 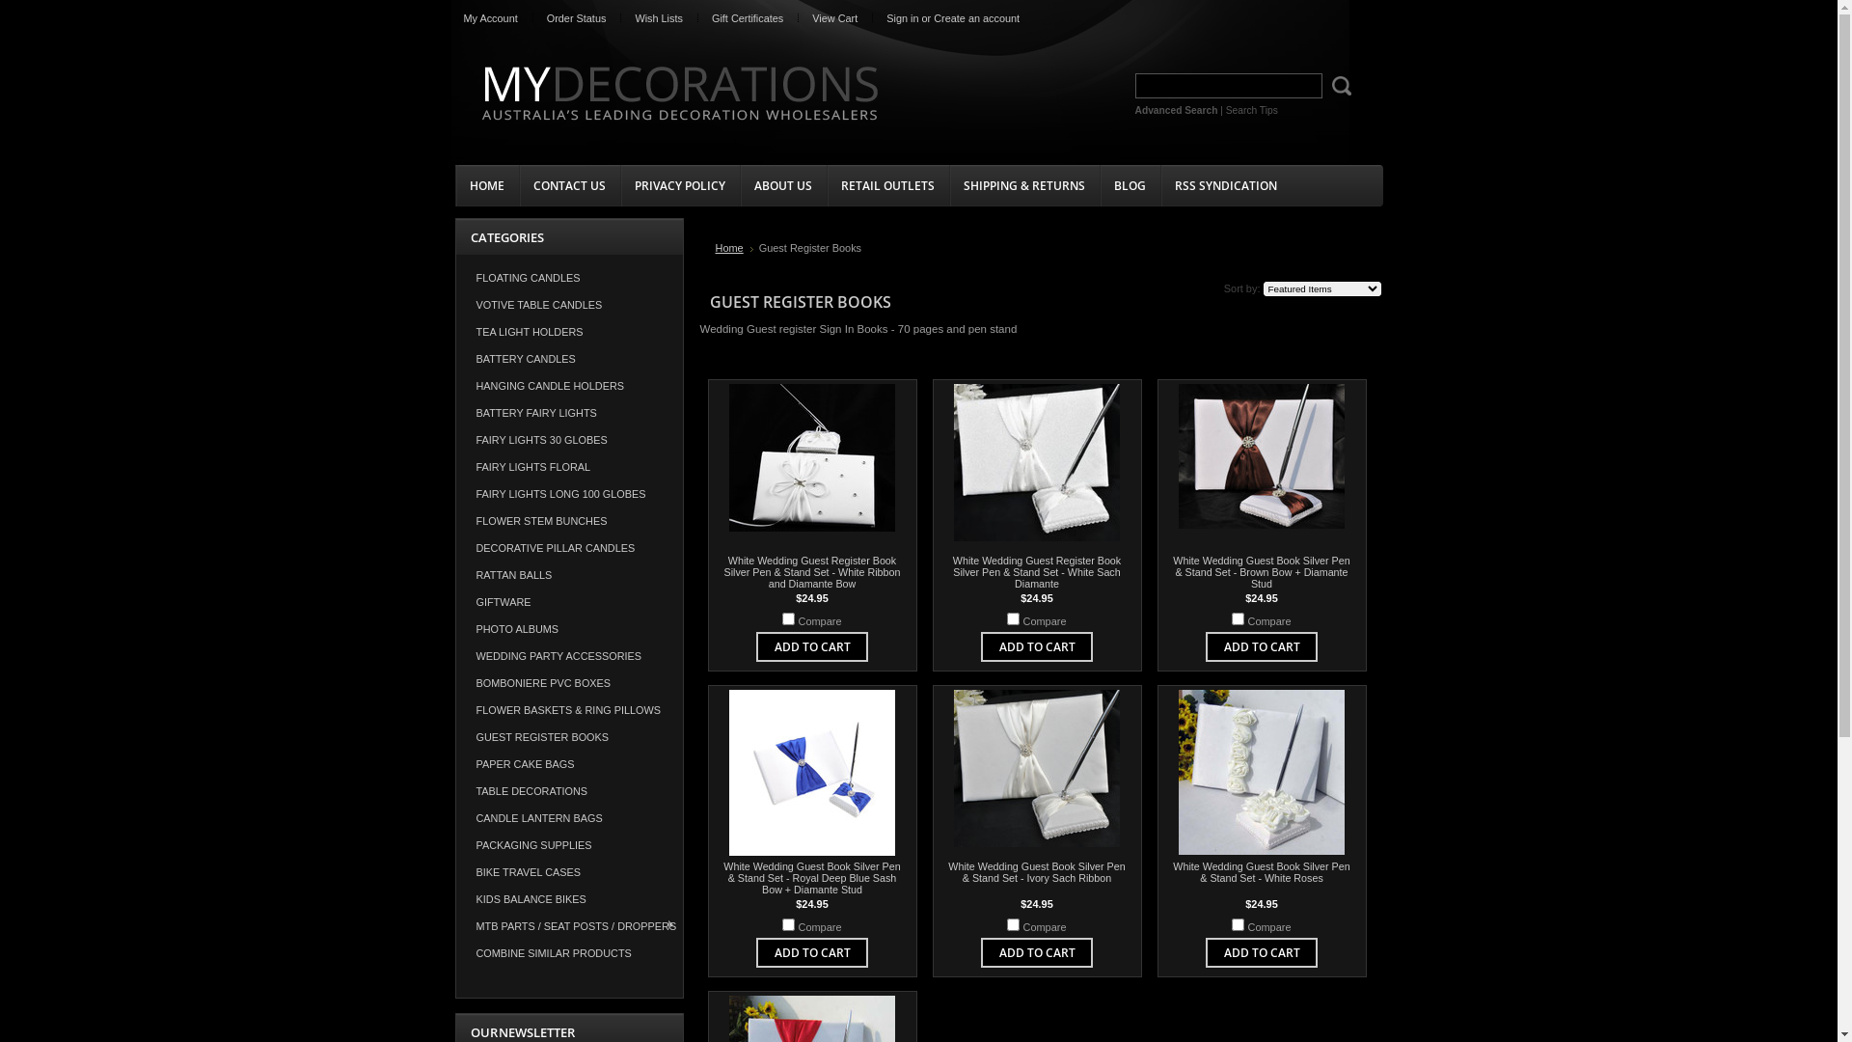 What do you see at coordinates (568, 439) in the screenshot?
I see `'FAIRY LIGHTS 30 GLOBES'` at bounding box center [568, 439].